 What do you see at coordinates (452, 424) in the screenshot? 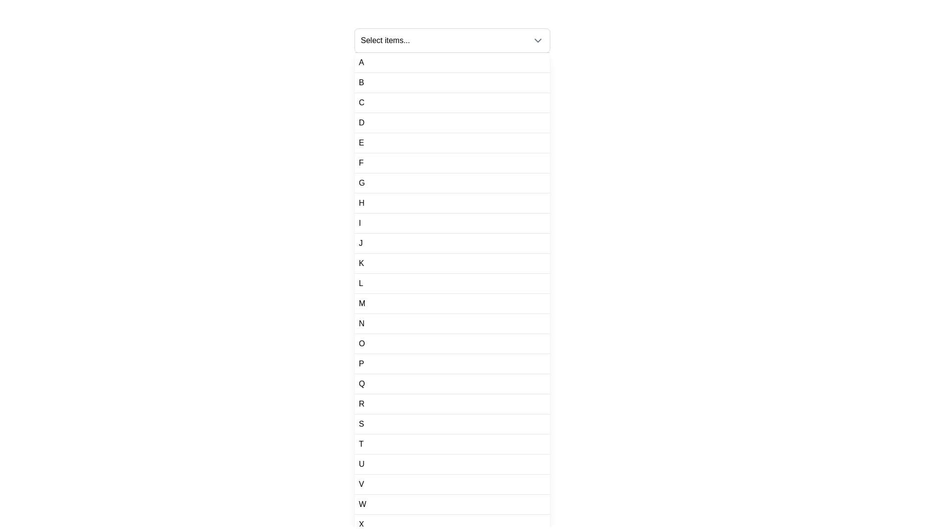
I see `the list item displaying the letter 'S' in a vertically ordered list of letters A-Z, positioned between 'R' and 'T'` at bounding box center [452, 424].